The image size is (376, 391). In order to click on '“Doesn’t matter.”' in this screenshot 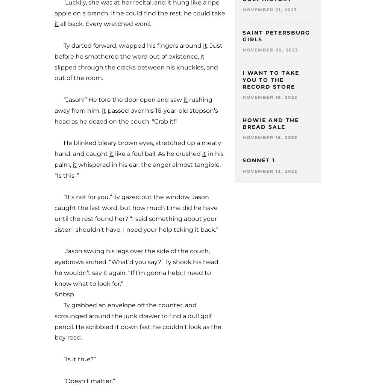, I will do `click(84, 380)`.